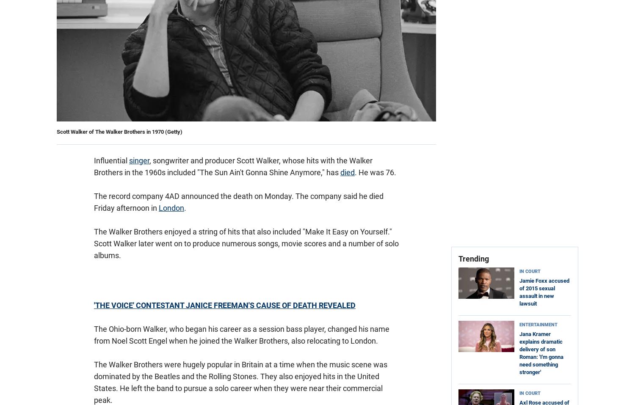 Image resolution: width=635 pixels, height=405 pixels. I want to click on 'Jamie Foxx accused of 2015 sexual assault in new lawsuit', so click(544, 292).